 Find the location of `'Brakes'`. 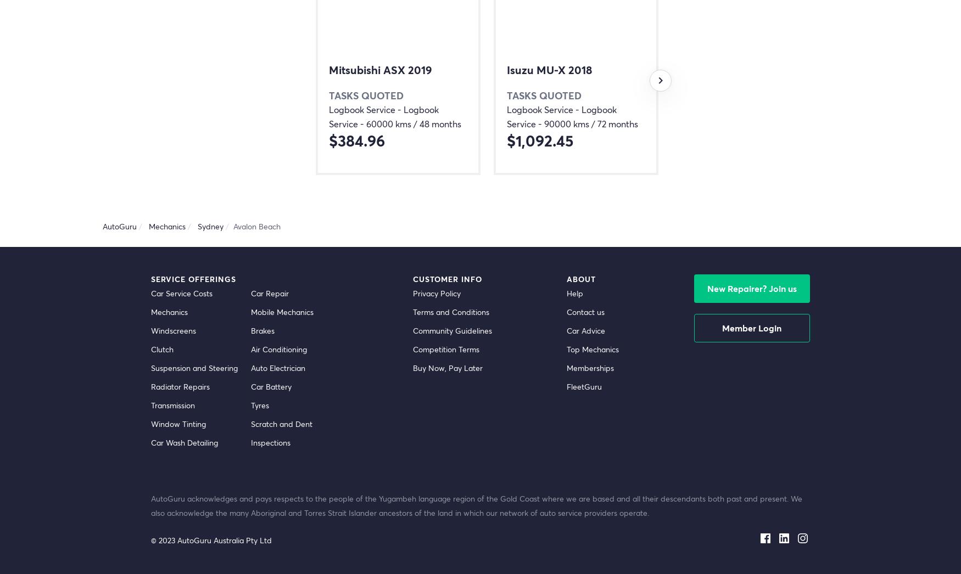

'Brakes' is located at coordinates (262, 330).